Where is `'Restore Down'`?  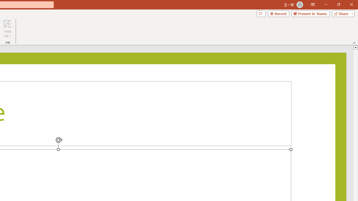 'Restore Down' is located at coordinates (338, 4).